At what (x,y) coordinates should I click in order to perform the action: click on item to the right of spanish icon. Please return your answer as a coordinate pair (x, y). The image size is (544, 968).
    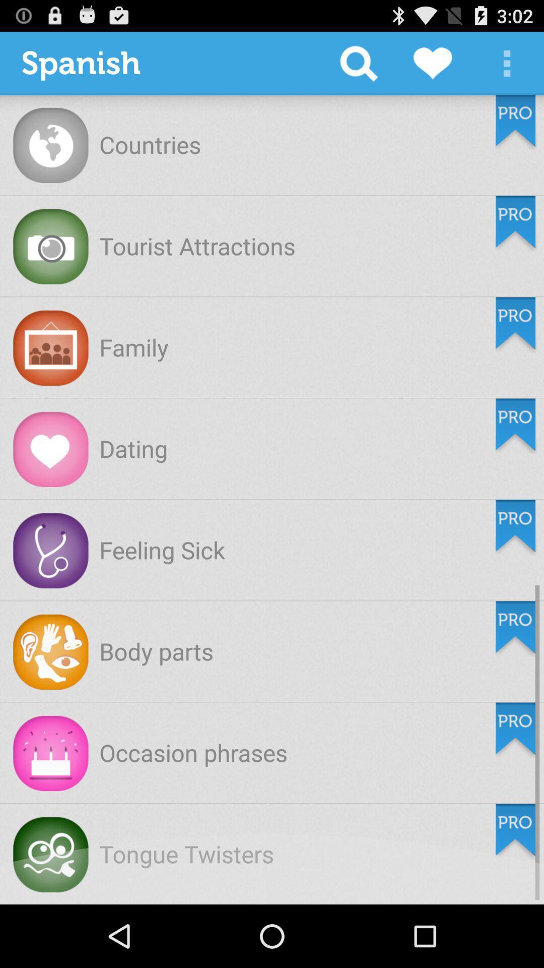
    Looking at the image, I should click on (358, 63).